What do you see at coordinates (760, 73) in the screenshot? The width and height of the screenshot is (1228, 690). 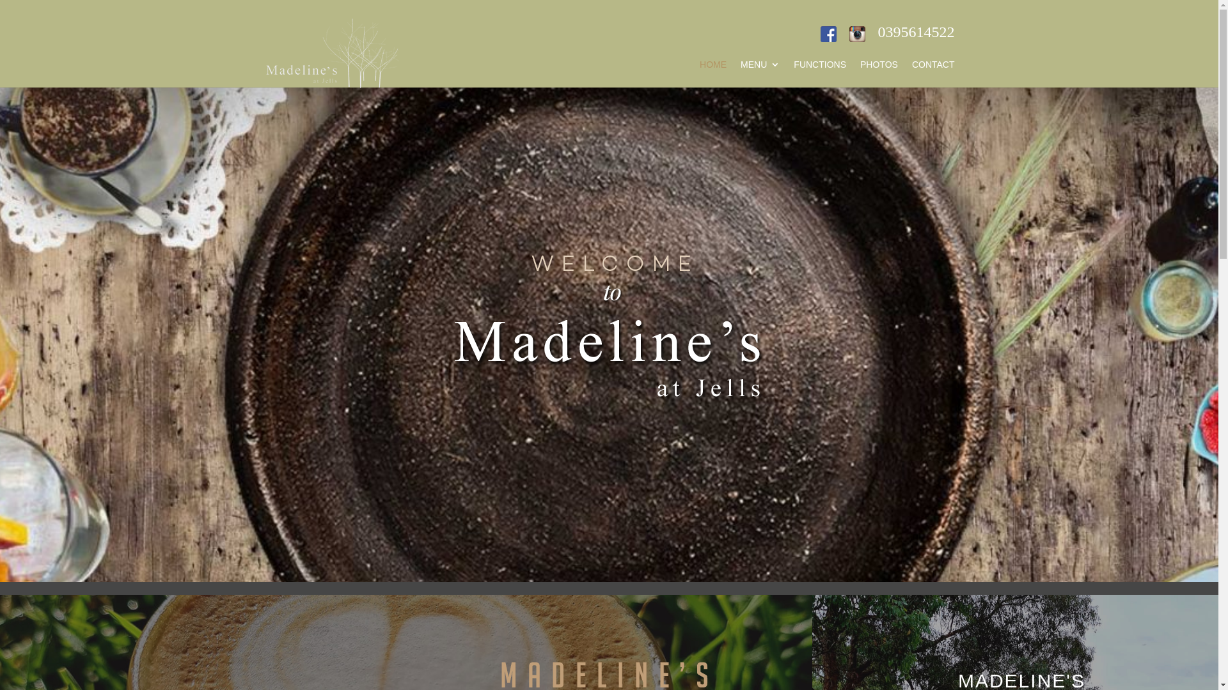 I see `'MENU'` at bounding box center [760, 73].